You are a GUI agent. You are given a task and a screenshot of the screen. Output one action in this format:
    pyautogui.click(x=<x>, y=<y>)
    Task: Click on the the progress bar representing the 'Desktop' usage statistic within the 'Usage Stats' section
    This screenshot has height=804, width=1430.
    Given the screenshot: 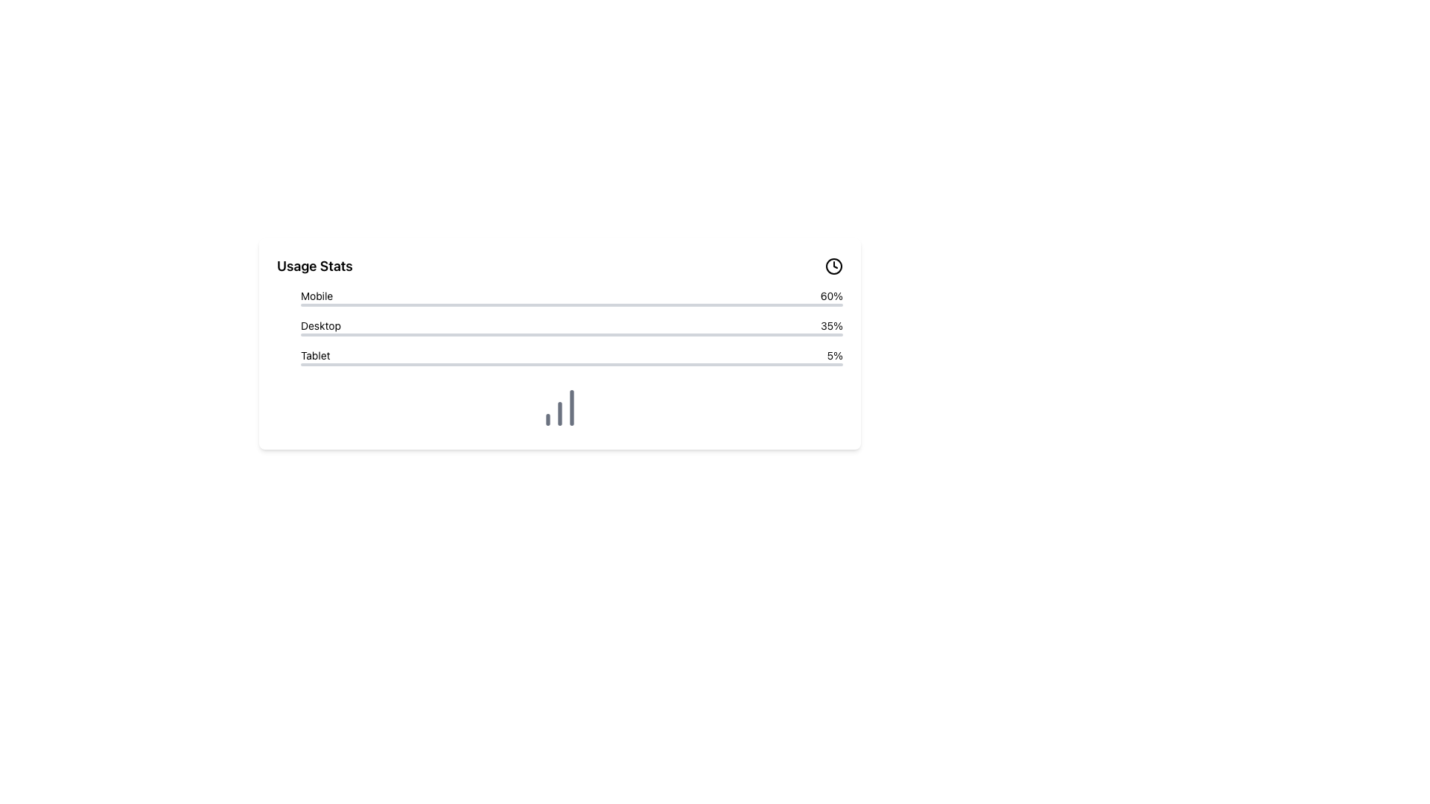 What is the action you would take?
    pyautogui.click(x=395, y=335)
    